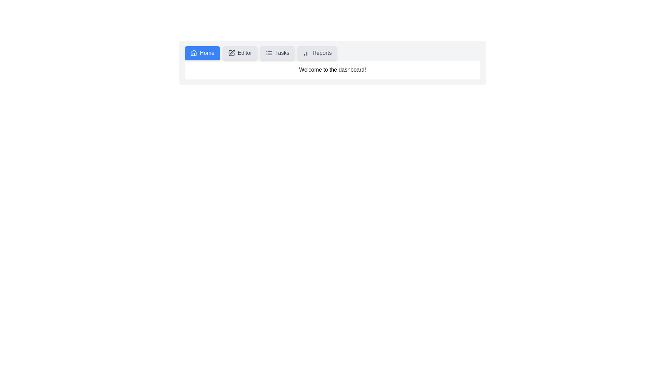 This screenshot has width=657, height=370. What do you see at coordinates (317, 52) in the screenshot?
I see `the tab button corresponding to Reports` at bounding box center [317, 52].